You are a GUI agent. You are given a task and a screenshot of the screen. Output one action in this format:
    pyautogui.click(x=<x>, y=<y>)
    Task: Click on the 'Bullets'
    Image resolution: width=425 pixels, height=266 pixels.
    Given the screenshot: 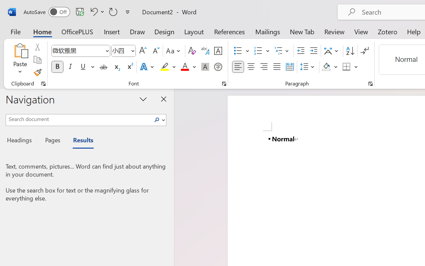 What is the action you would take?
    pyautogui.click(x=238, y=51)
    